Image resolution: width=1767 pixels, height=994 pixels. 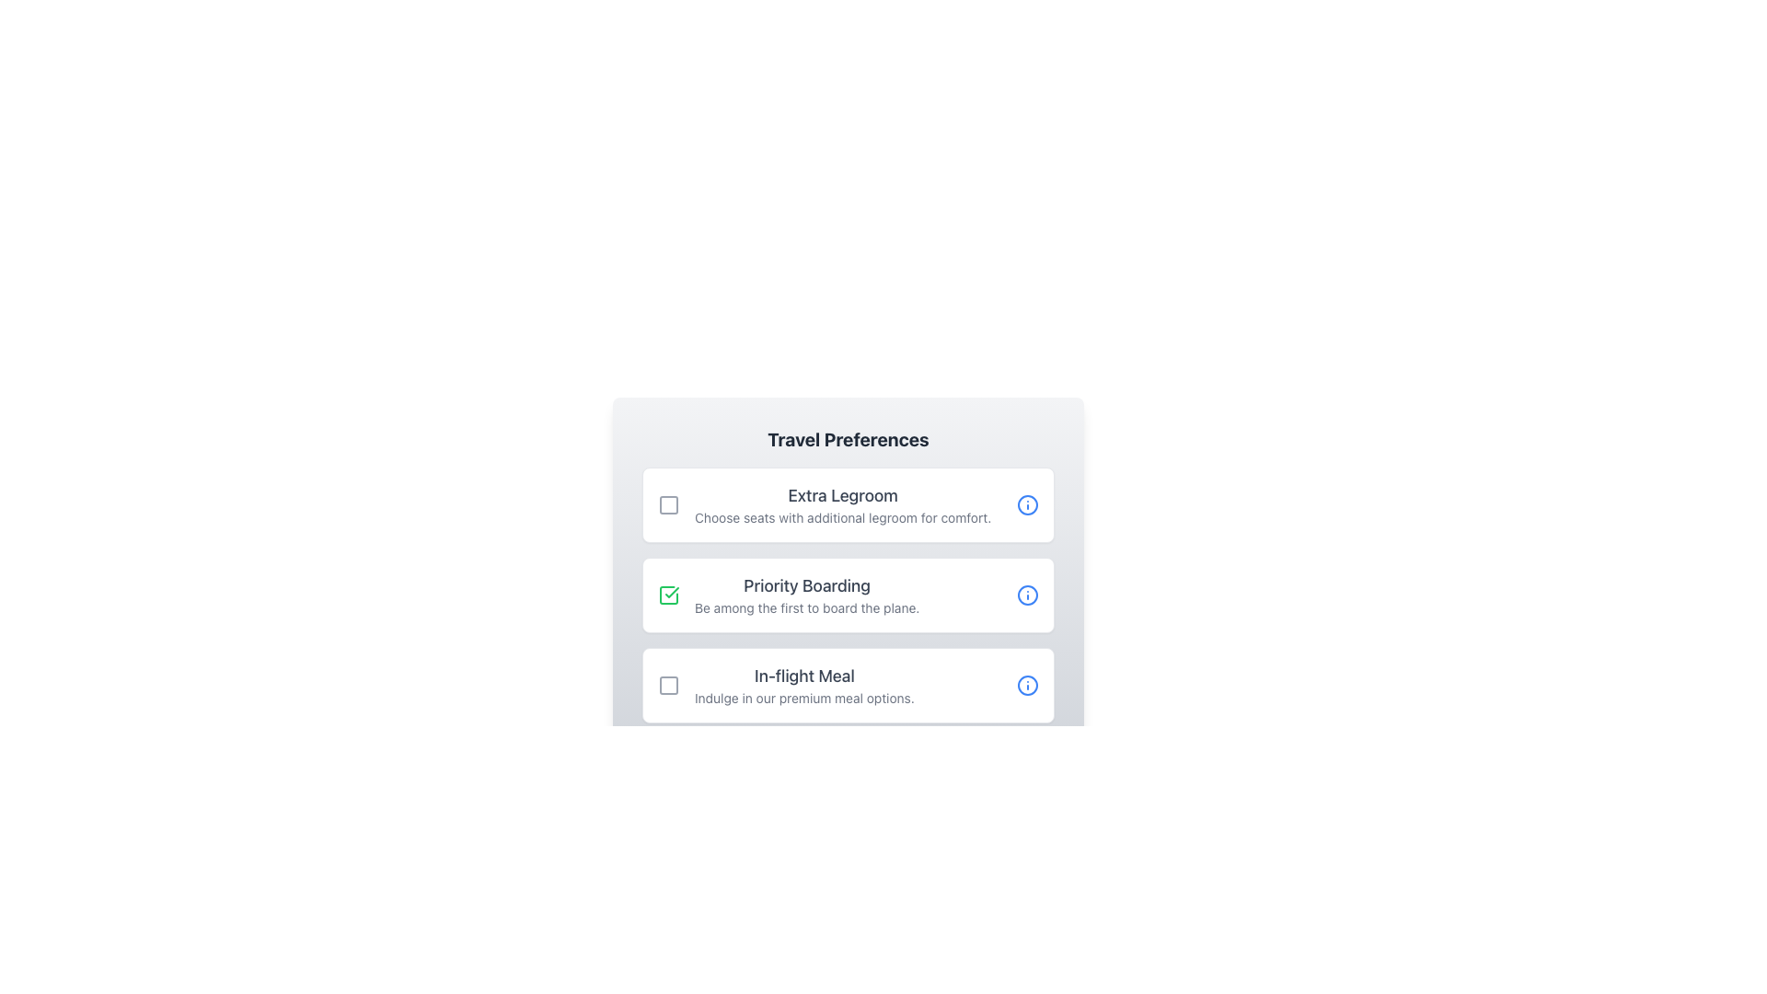 I want to click on text 'Be among the first to board the plane.' which is displayed in gray color below the title 'Priority Boarding.', so click(x=807, y=607).